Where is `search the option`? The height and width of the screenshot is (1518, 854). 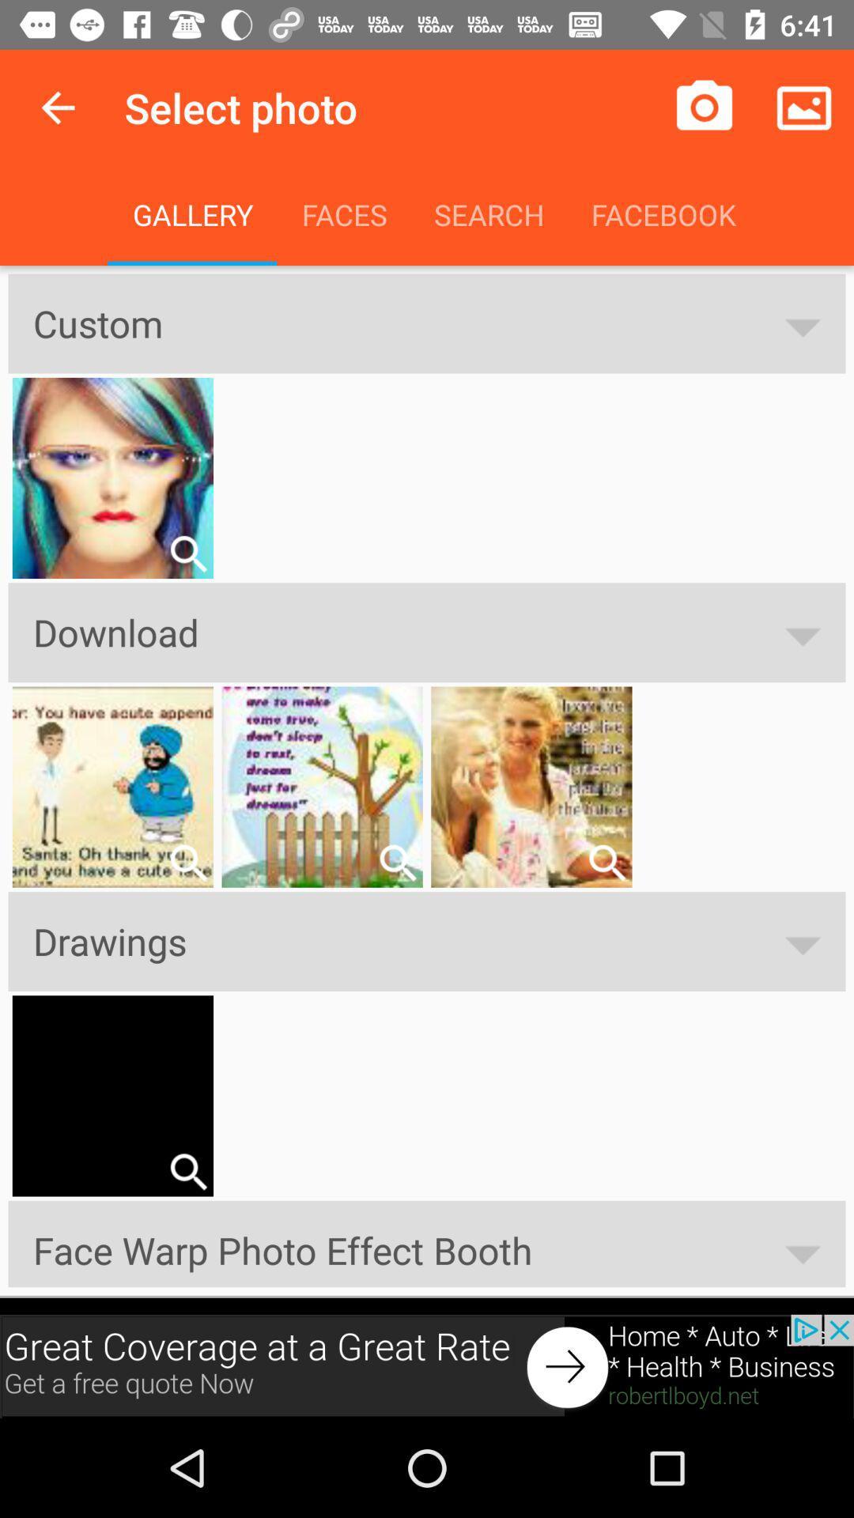 search the option is located at coordinates (397, 862).